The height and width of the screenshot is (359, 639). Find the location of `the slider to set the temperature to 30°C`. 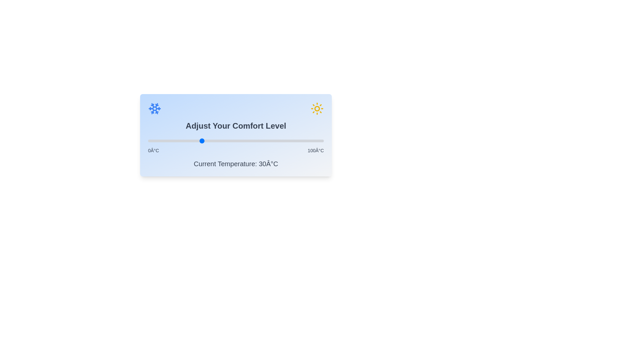

the slider to set the temperature to 30°C is located at coordinates (200, 141).